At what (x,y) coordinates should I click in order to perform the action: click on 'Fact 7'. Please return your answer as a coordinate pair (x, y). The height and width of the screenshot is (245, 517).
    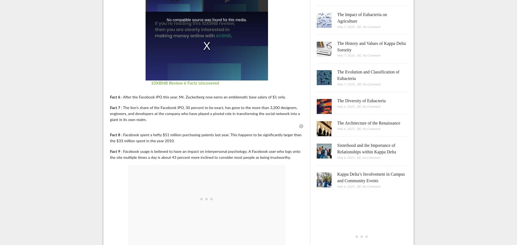
    Looking at the image, I should click on (115, 107).